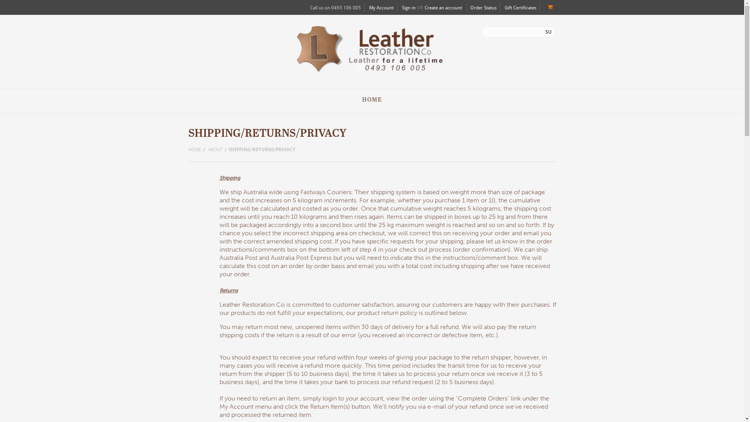  What do you see at coordinates (504, 7) in the screenshot?
I see `'Gift Certificates'` at bounding box center [504, 7].